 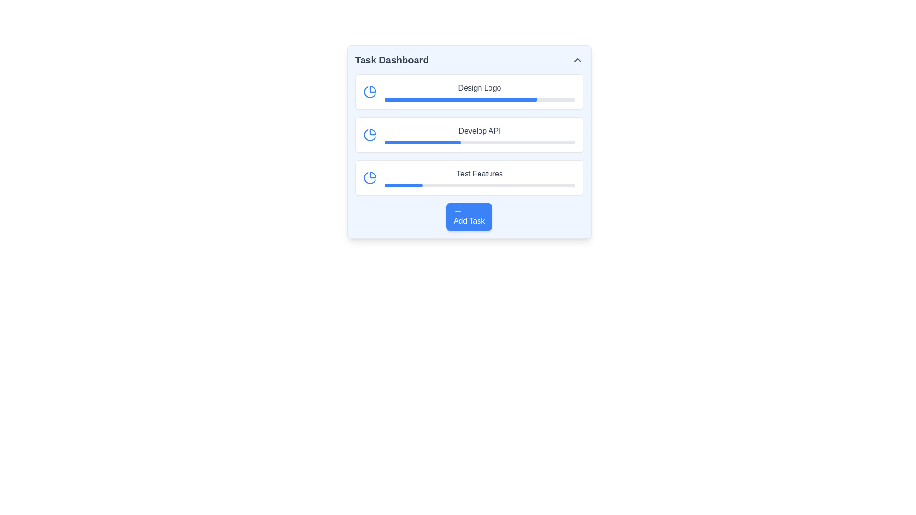 I want to click on the horizontal progress bar with a gray background and blue filled segment located below the 'Develop API' text label in the second task row, so click(x=479, y=143).